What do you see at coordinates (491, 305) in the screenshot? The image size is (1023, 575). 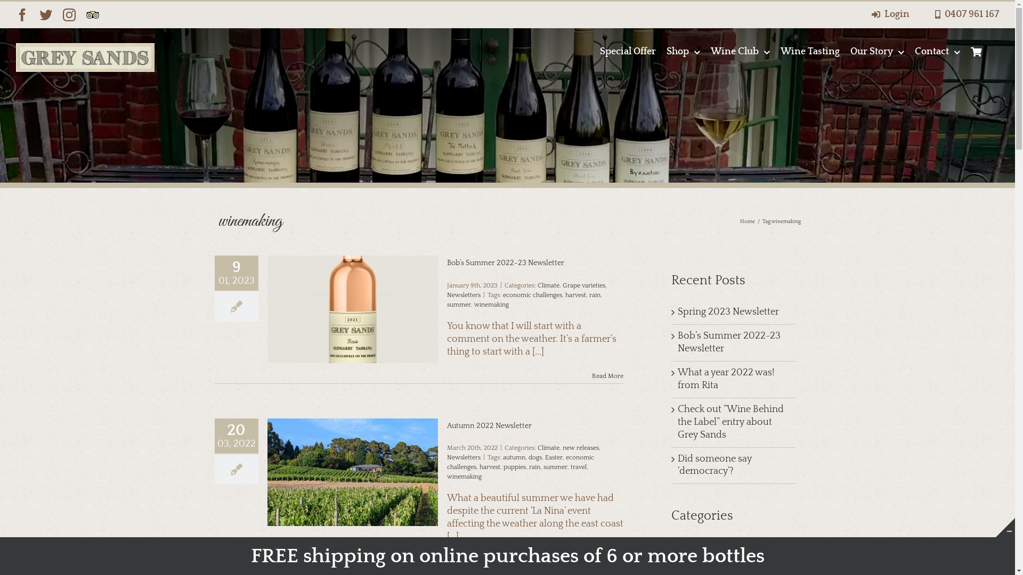 I see `'winemaking'` at bounding box center [491, 305].